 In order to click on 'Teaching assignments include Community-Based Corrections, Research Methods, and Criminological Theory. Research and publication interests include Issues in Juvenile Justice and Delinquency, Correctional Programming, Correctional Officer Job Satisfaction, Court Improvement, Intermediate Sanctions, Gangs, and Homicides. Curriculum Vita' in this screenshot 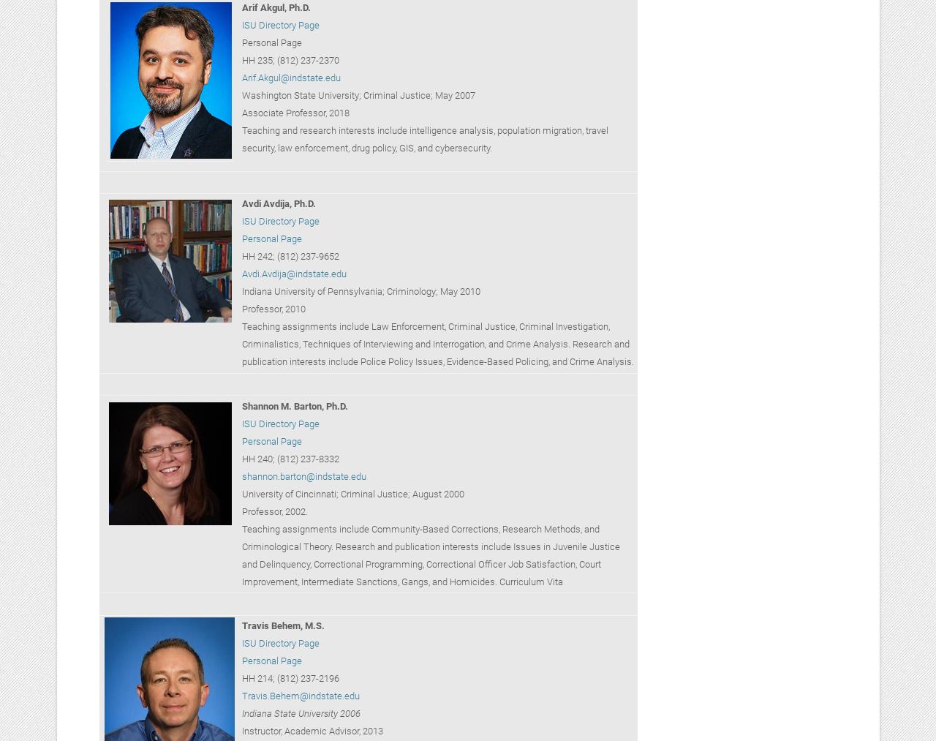, I will do `click(429, 554)`.